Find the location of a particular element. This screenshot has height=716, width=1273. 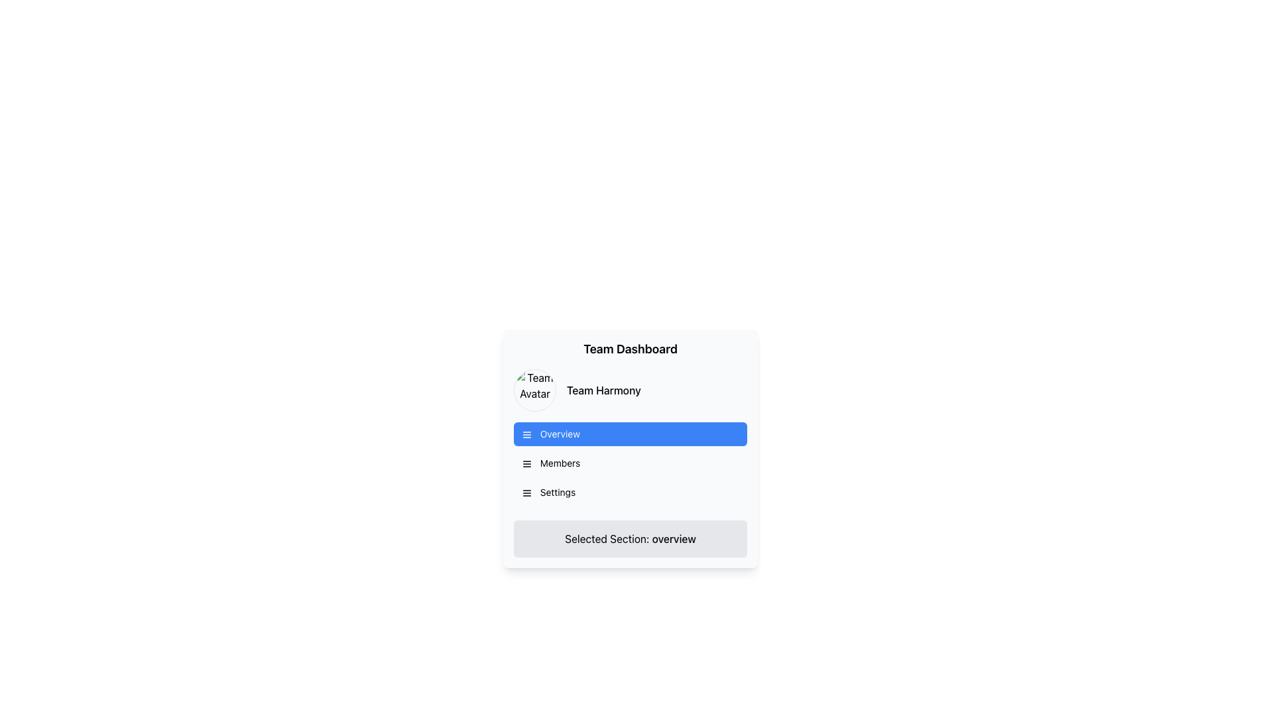

the text label indicating the currently selected section, which reads 'Selected Section: overview', located in a light gray rounded rectangular block is located at coordinates (674, 539).